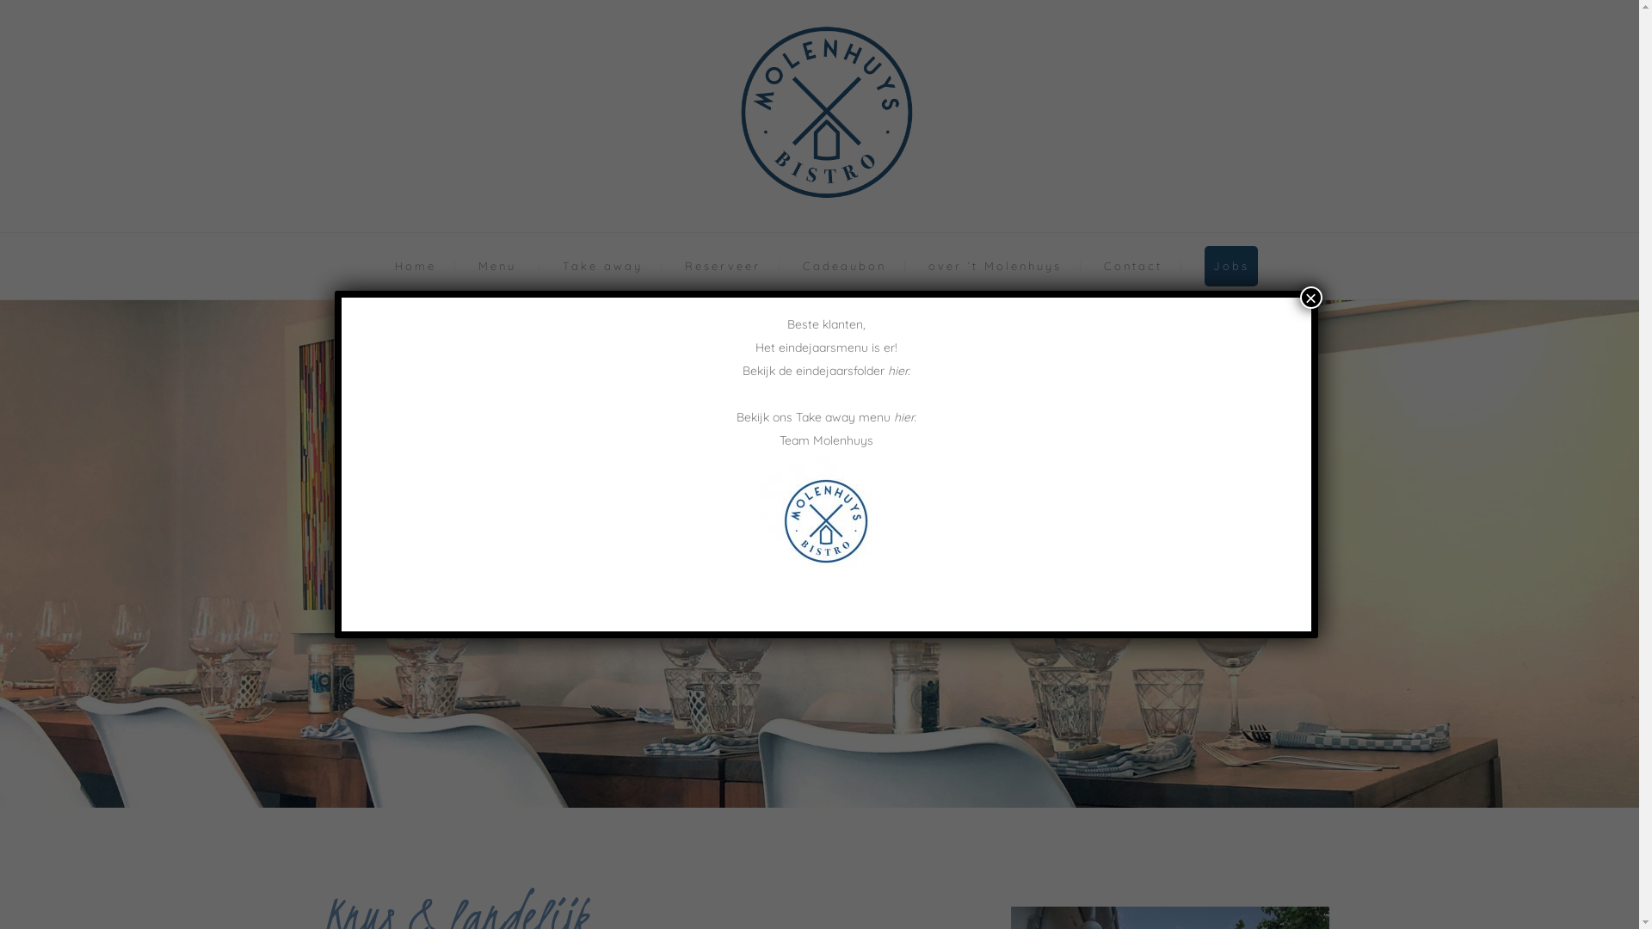 Image resolution: width=1652 pixels, height=929 pixels. I want to click on 'Contact', so click(1131, 265).